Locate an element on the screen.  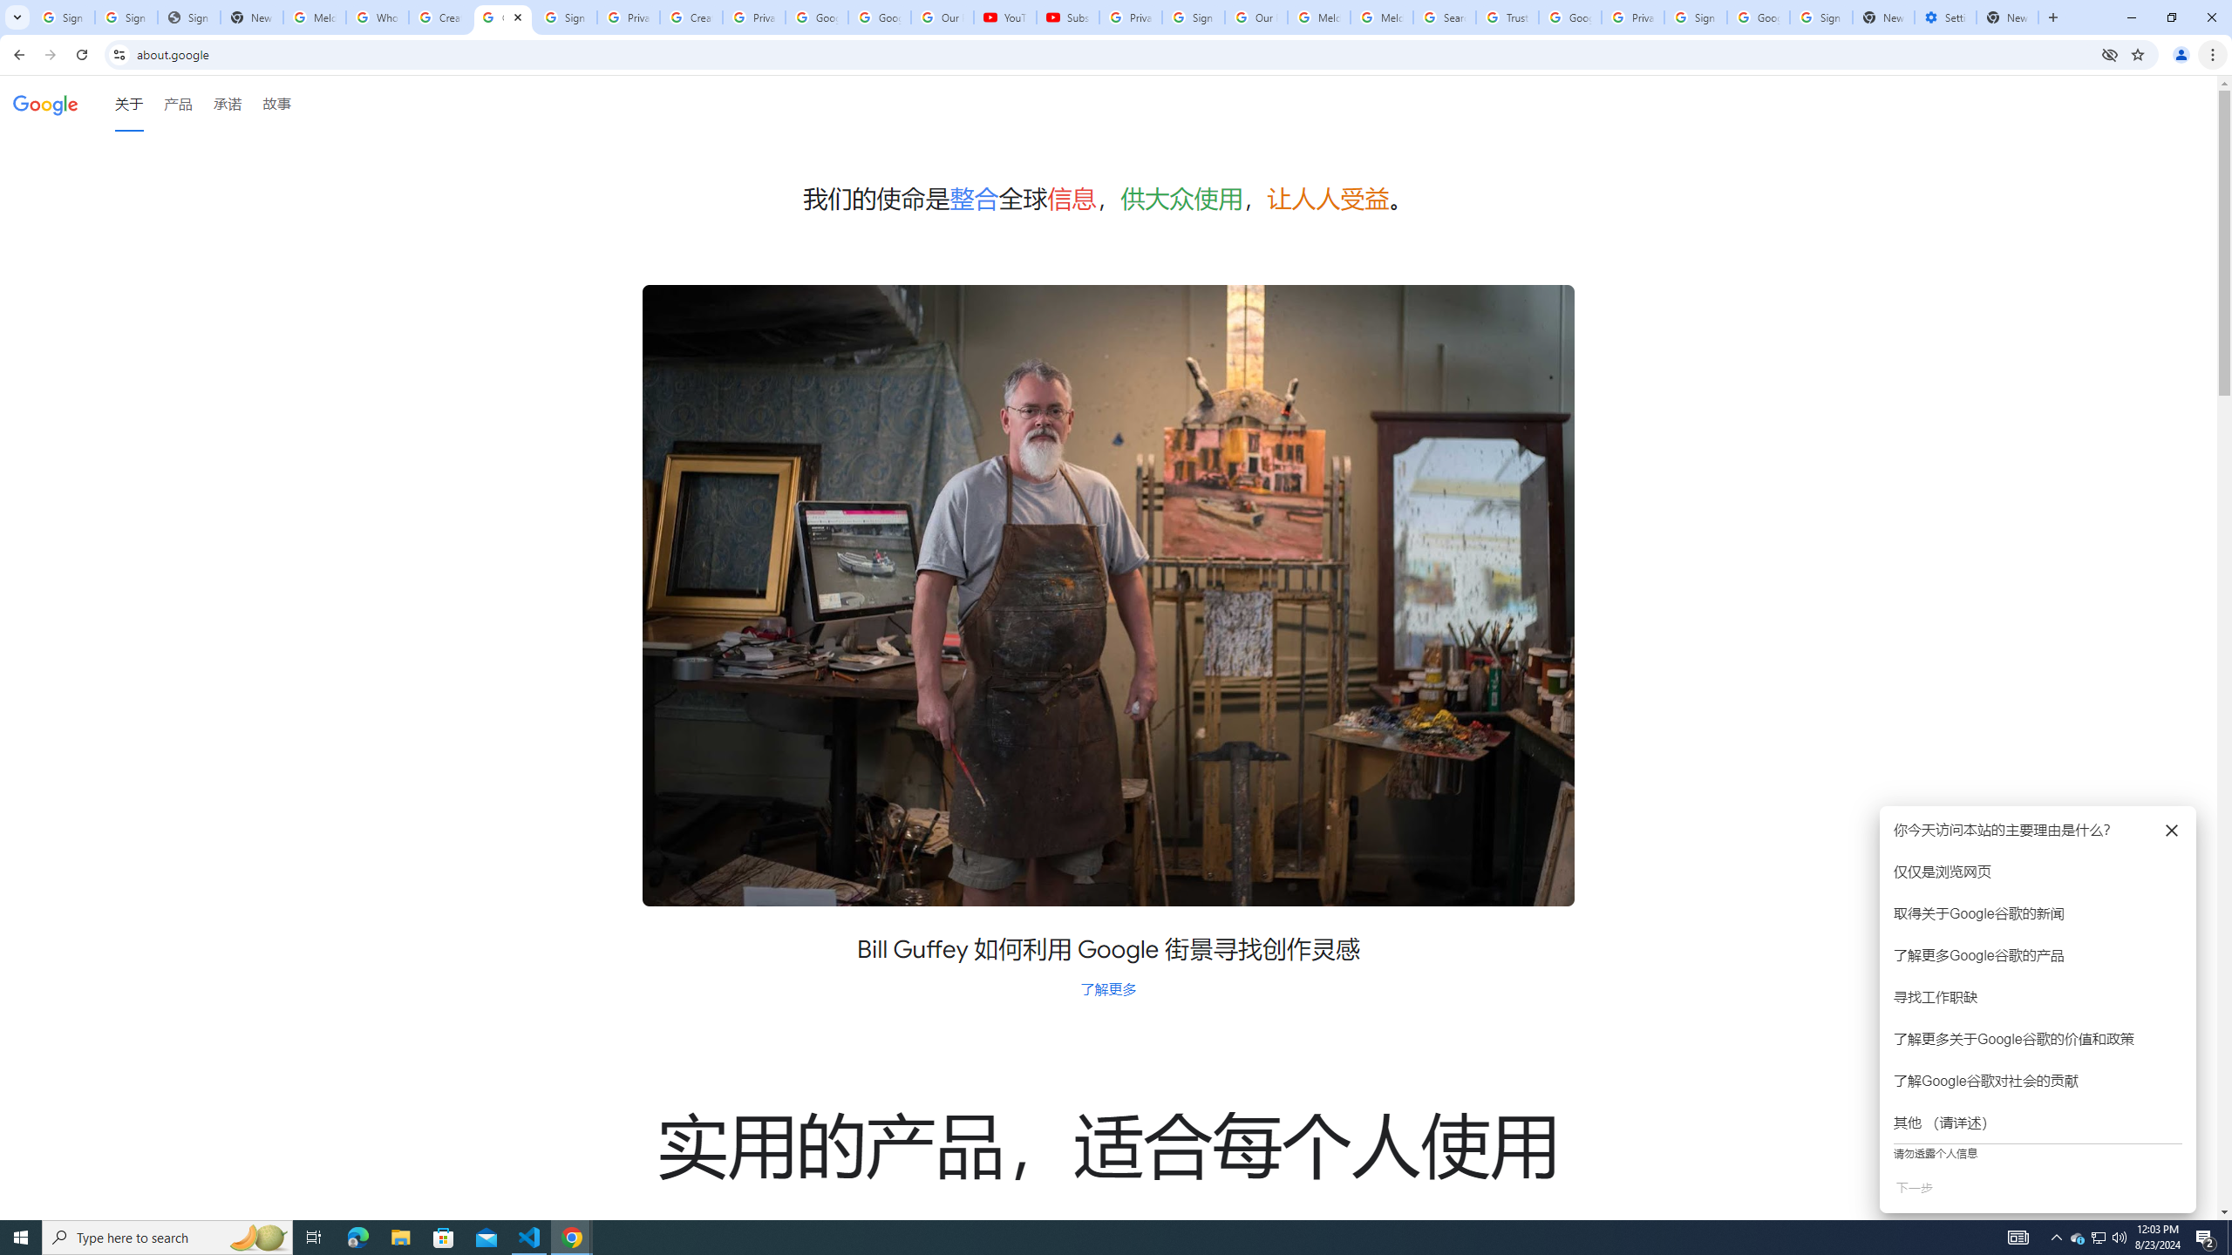
'YouTube' is located at coordinates (1005, 17).